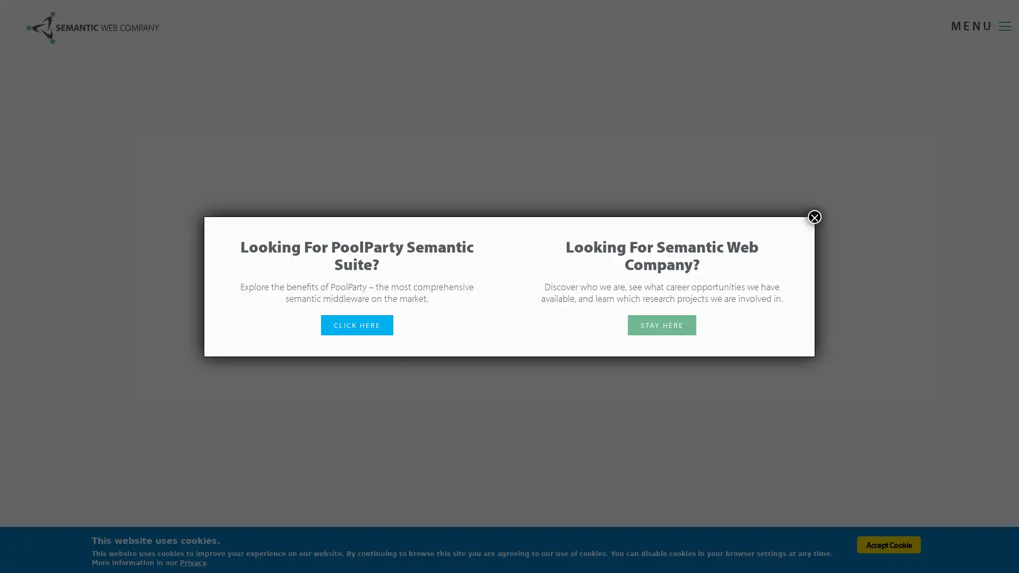  Describe the element at coordinates (357, 324) in the screenshot. I see `CLICK HERE` at that location.